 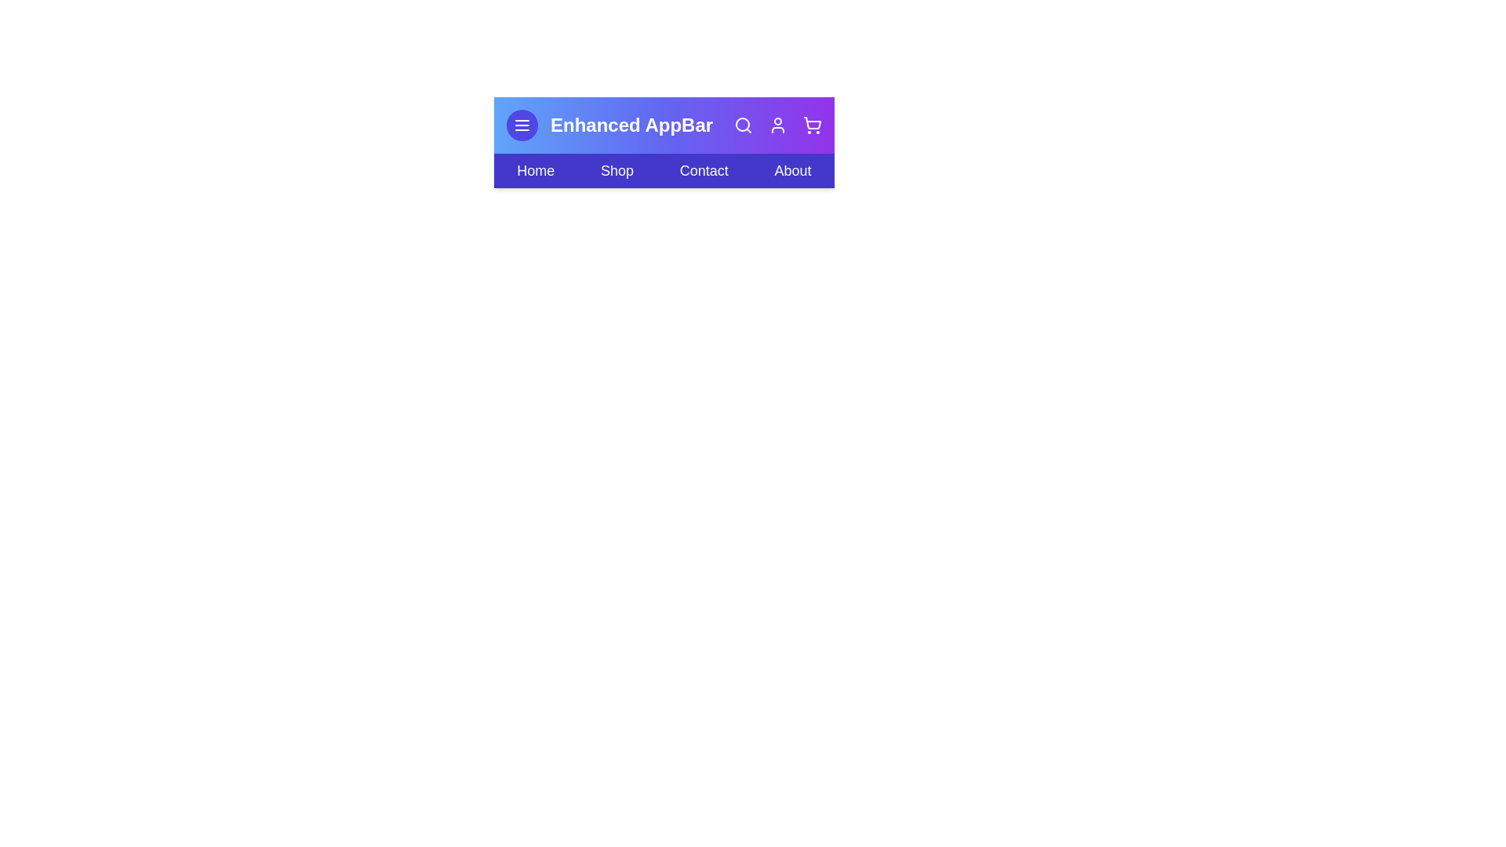 What do you see at coordinates (703, 171) in the screenshot?
I see `the interactive element Contact Link to observe its hover effect` at bounding box center [703, 171].